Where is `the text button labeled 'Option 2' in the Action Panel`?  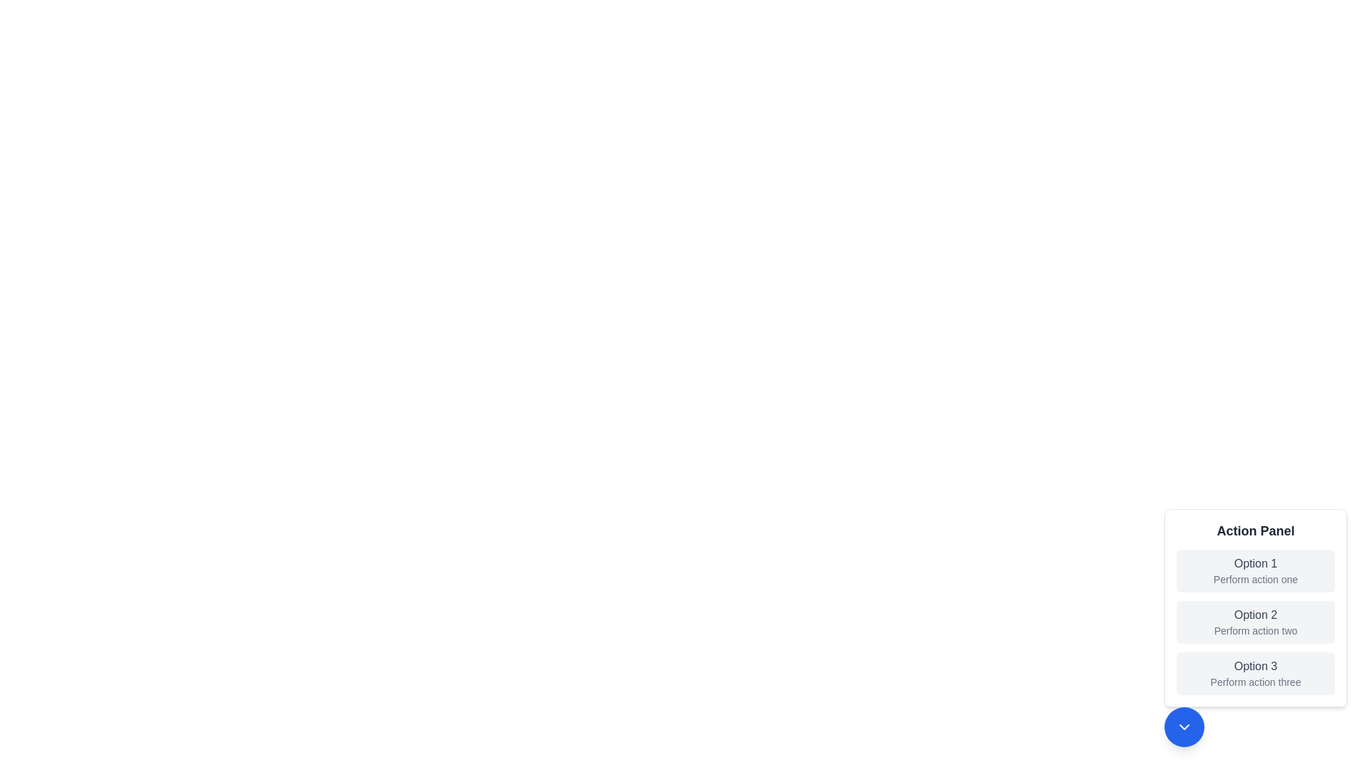
the text button labeled 'Option 2' in the Action Panel is located at coordinates (1256, 627).